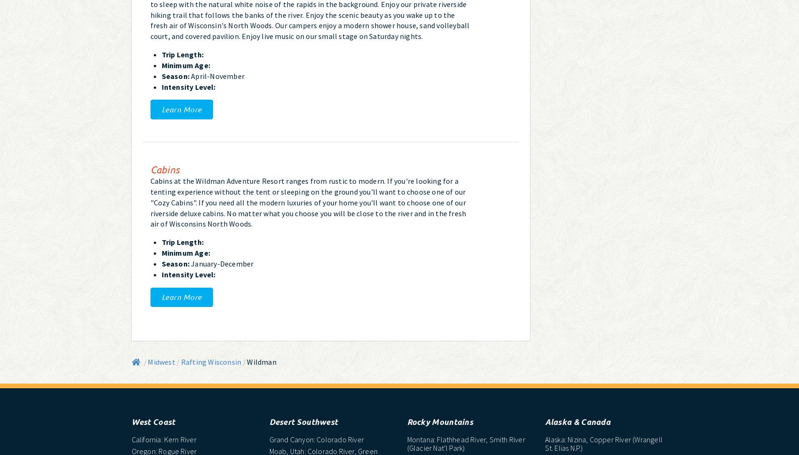 Image resolution: width=799 pixels, height=455 pixels. Describe the element at coordinates (603, 443) in the screenshot. I see `'Alaska: Nizina, Copper River (Wrangell St. Elias N.P.)'` at that location.